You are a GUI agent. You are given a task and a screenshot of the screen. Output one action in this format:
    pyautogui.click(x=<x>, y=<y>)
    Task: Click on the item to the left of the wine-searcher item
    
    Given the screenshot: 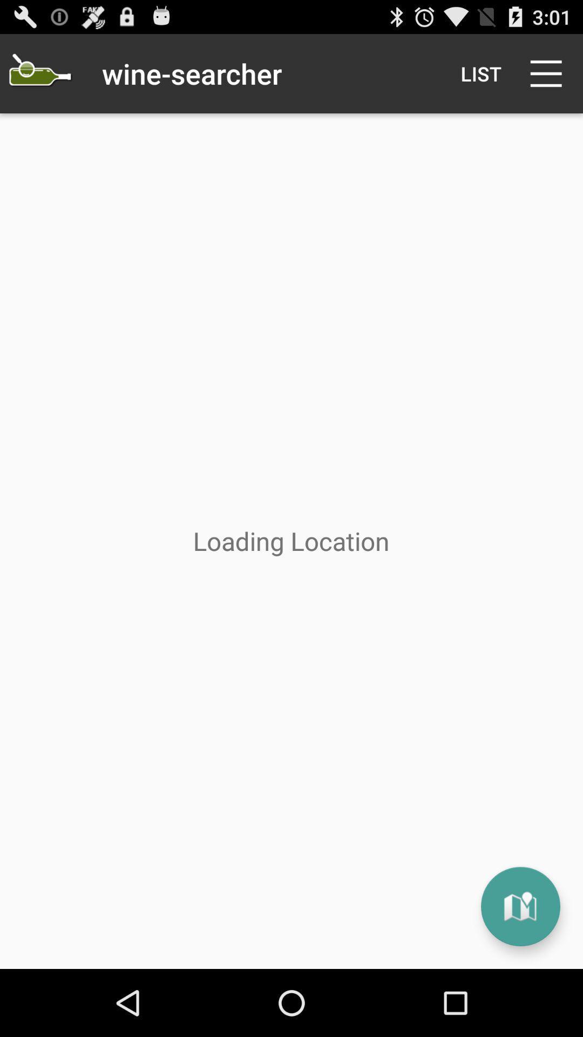 What is the action you would take?
    pyautogui.click(x=39, y=73)
    